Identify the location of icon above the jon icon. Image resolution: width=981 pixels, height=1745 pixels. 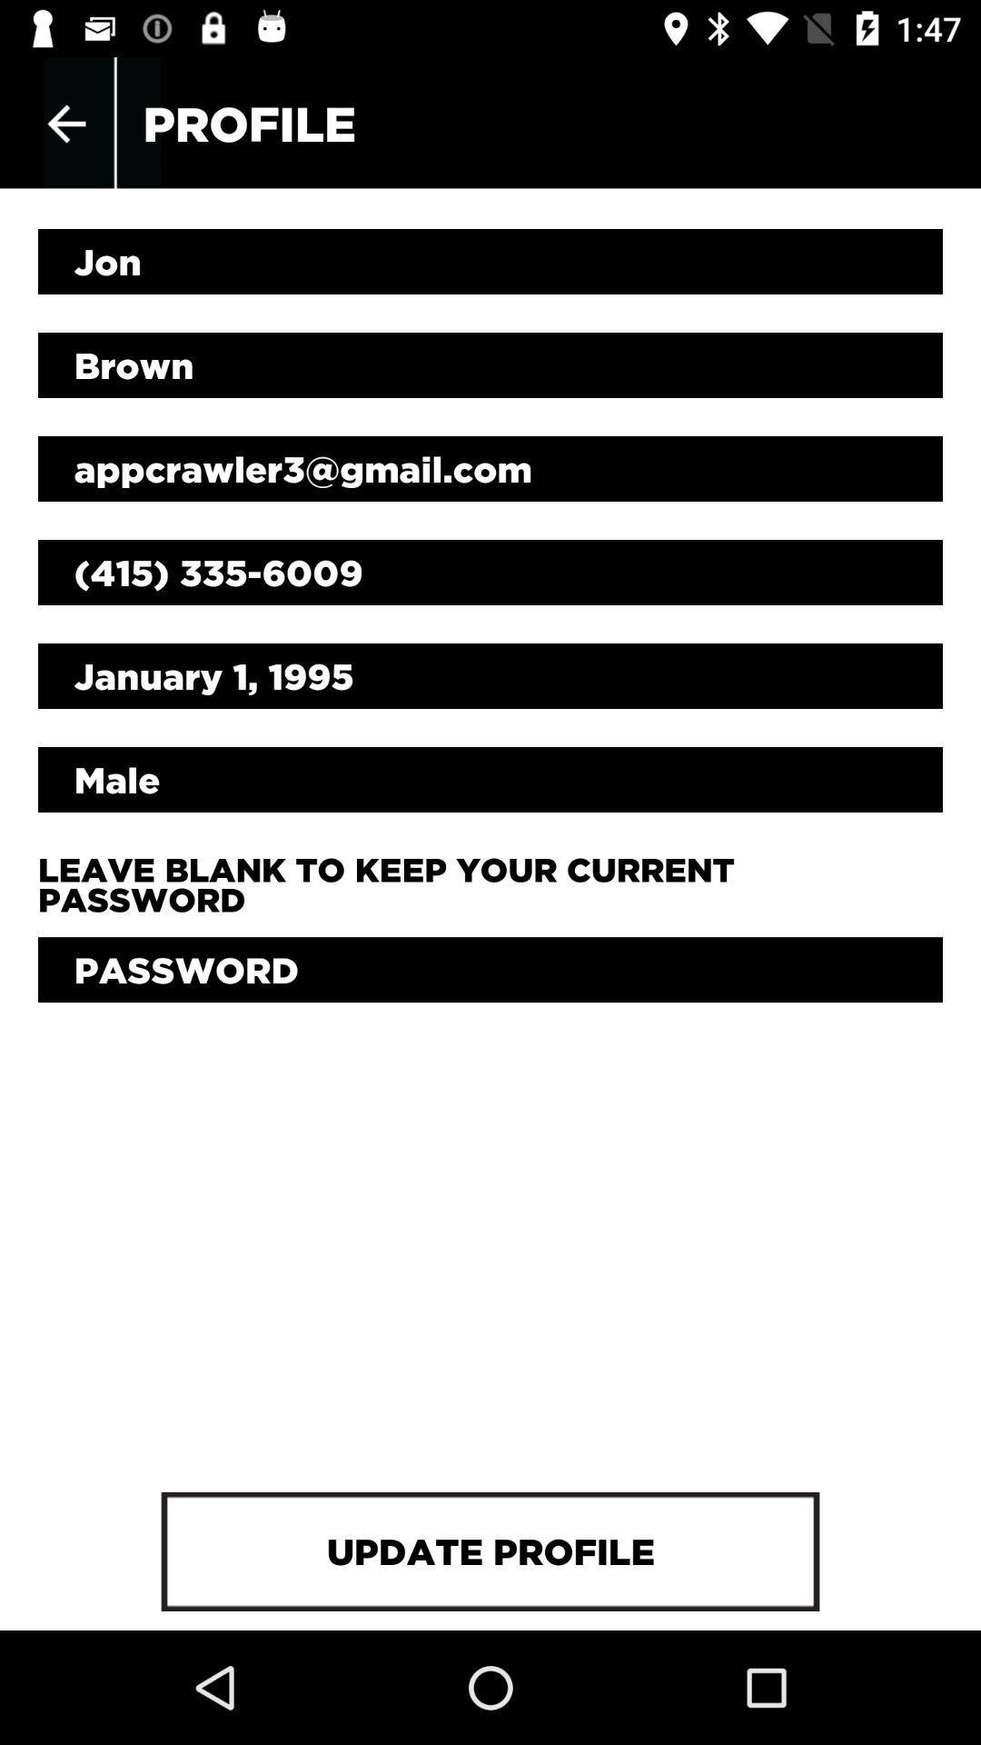
(65, 123).